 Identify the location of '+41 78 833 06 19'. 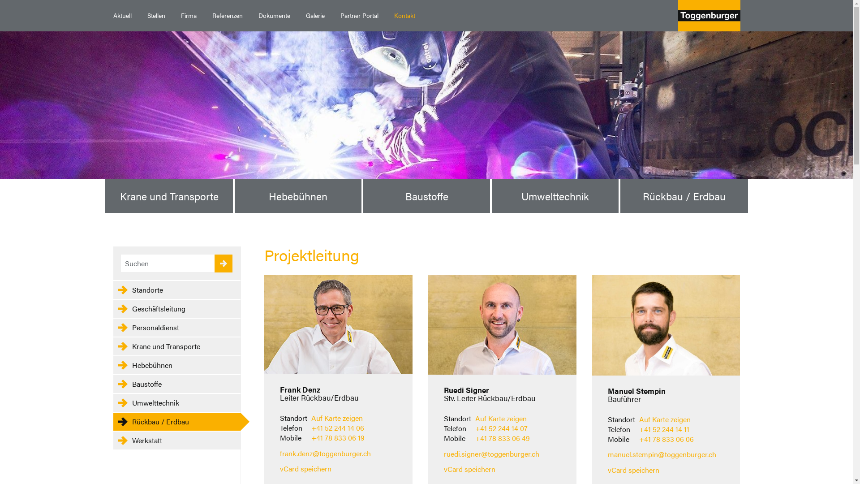
(337, 437).